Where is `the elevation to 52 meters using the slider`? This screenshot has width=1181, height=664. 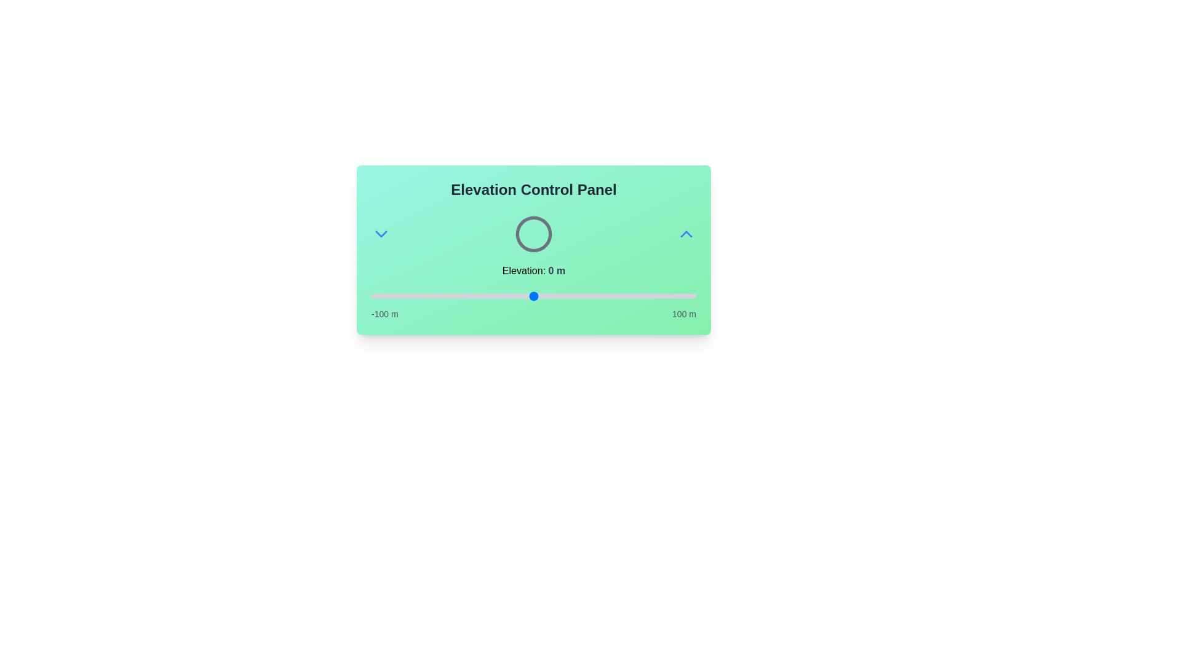
the elevation to 52 meters using the slider is located at coordinates (618, 296).